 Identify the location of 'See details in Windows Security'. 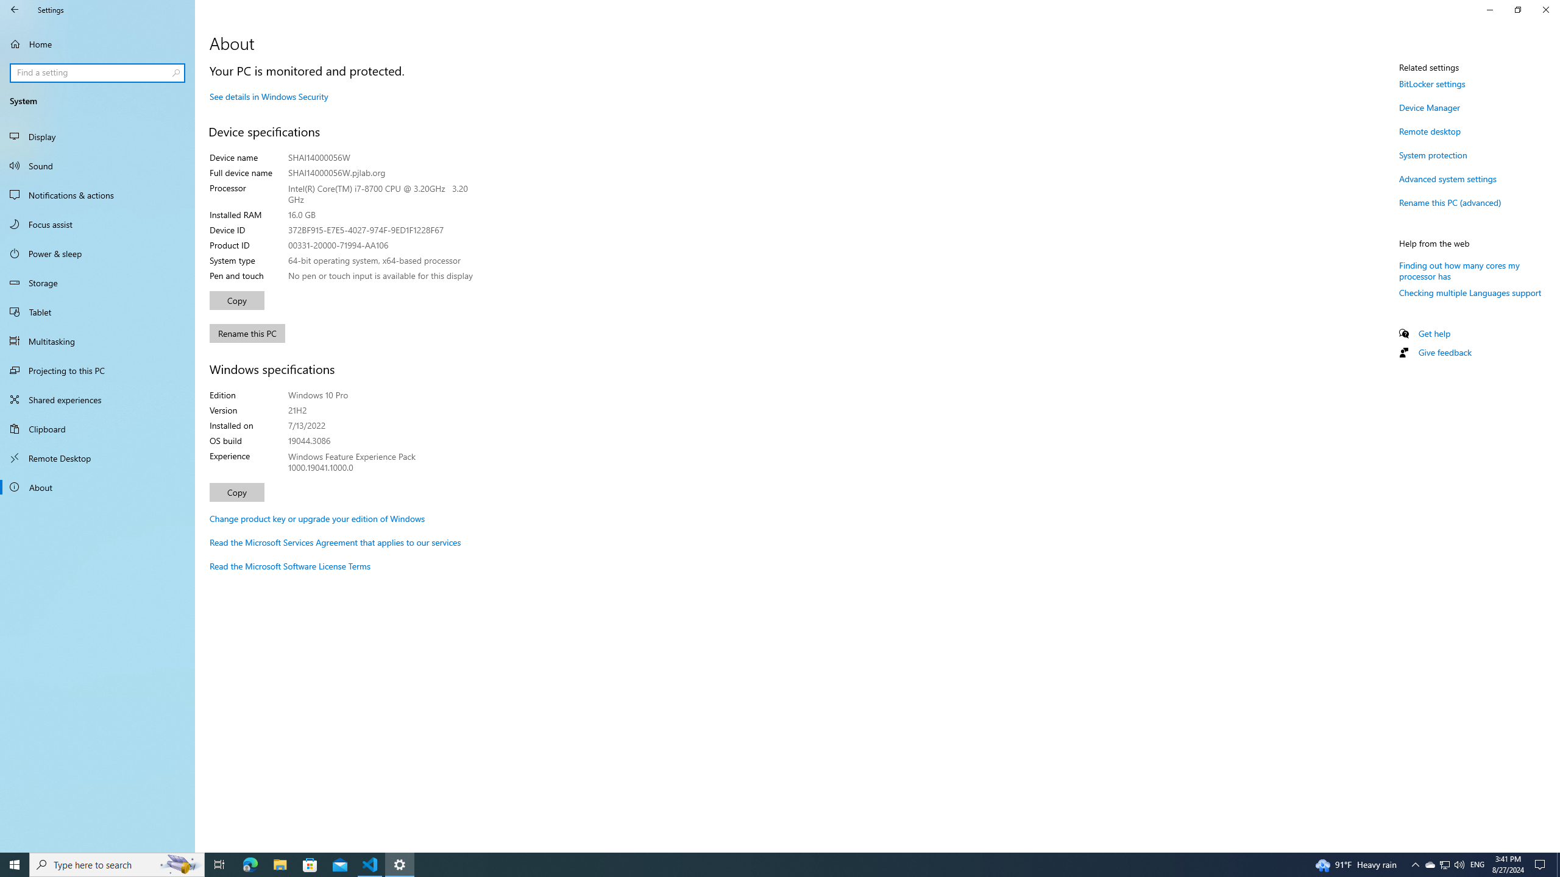
(268, 96).